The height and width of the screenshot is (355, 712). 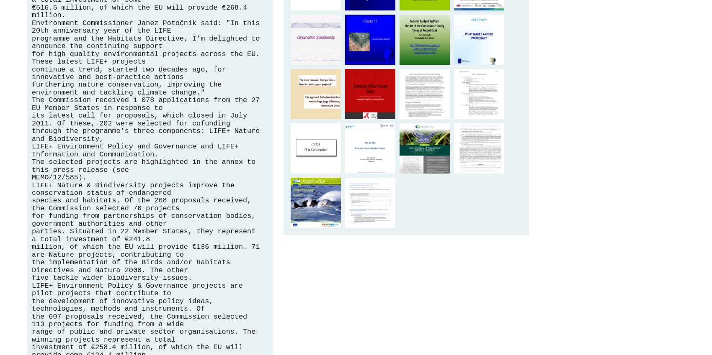 I want to click on 'Conservation of Threatened Insects in Europe', so click(x=431, y=154).